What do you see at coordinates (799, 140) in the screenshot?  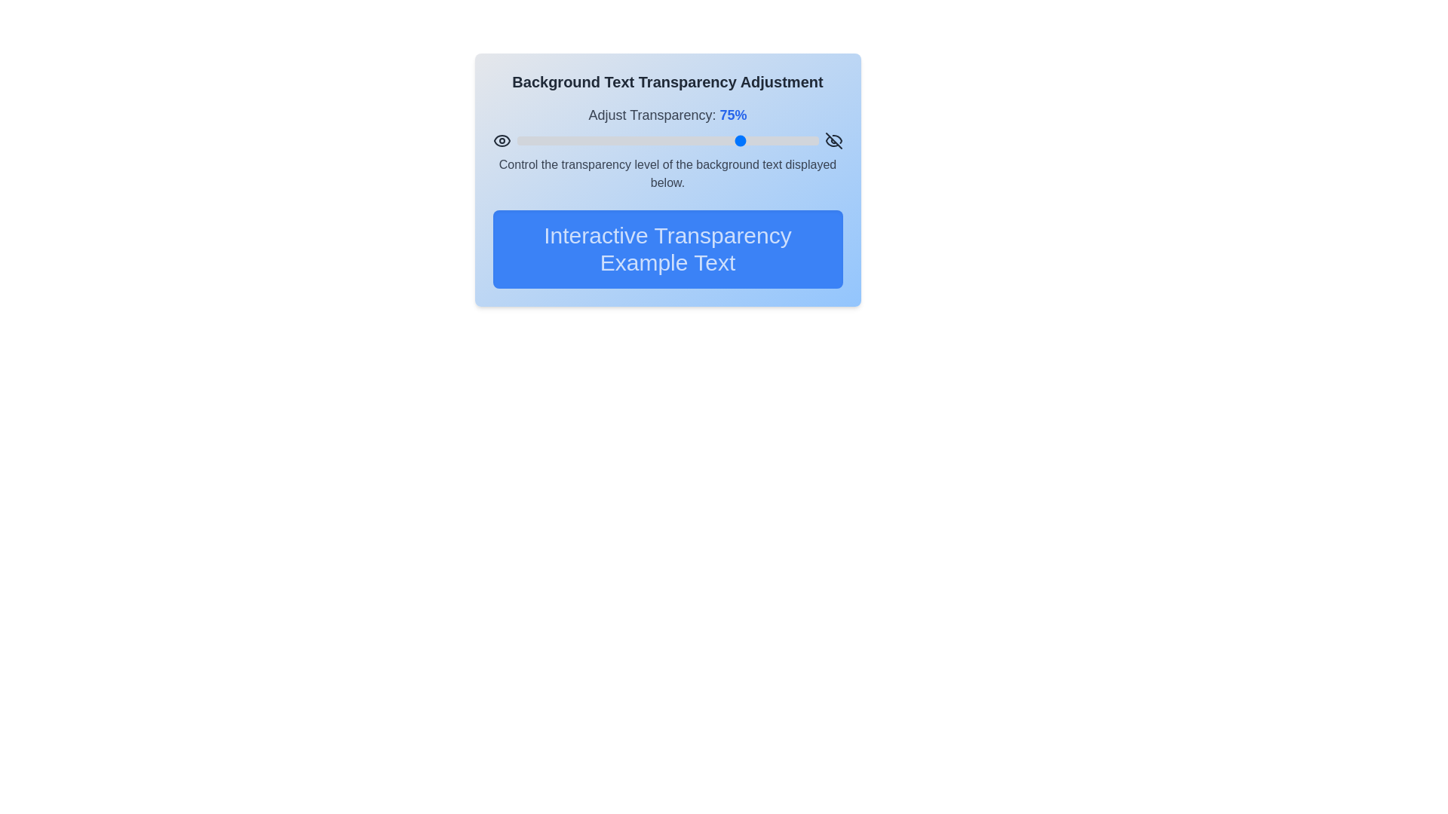 I see `the transparency slider to 94%` at bounding box center [799, 140].